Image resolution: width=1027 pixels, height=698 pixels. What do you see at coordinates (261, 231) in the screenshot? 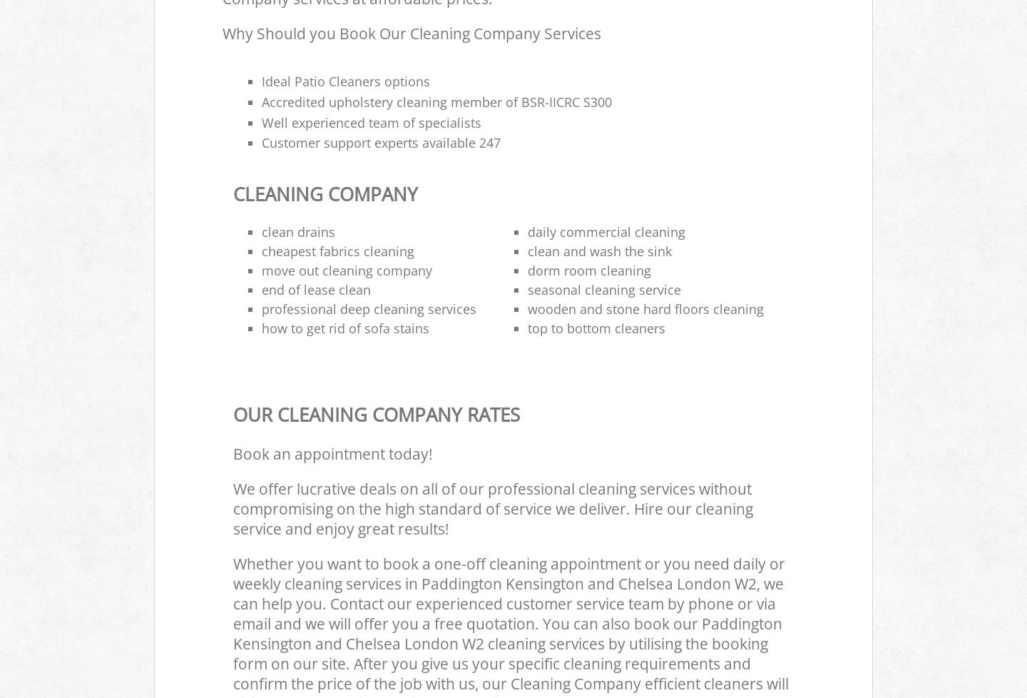
I see `'clean drains'` at bounding box center [261, 231].